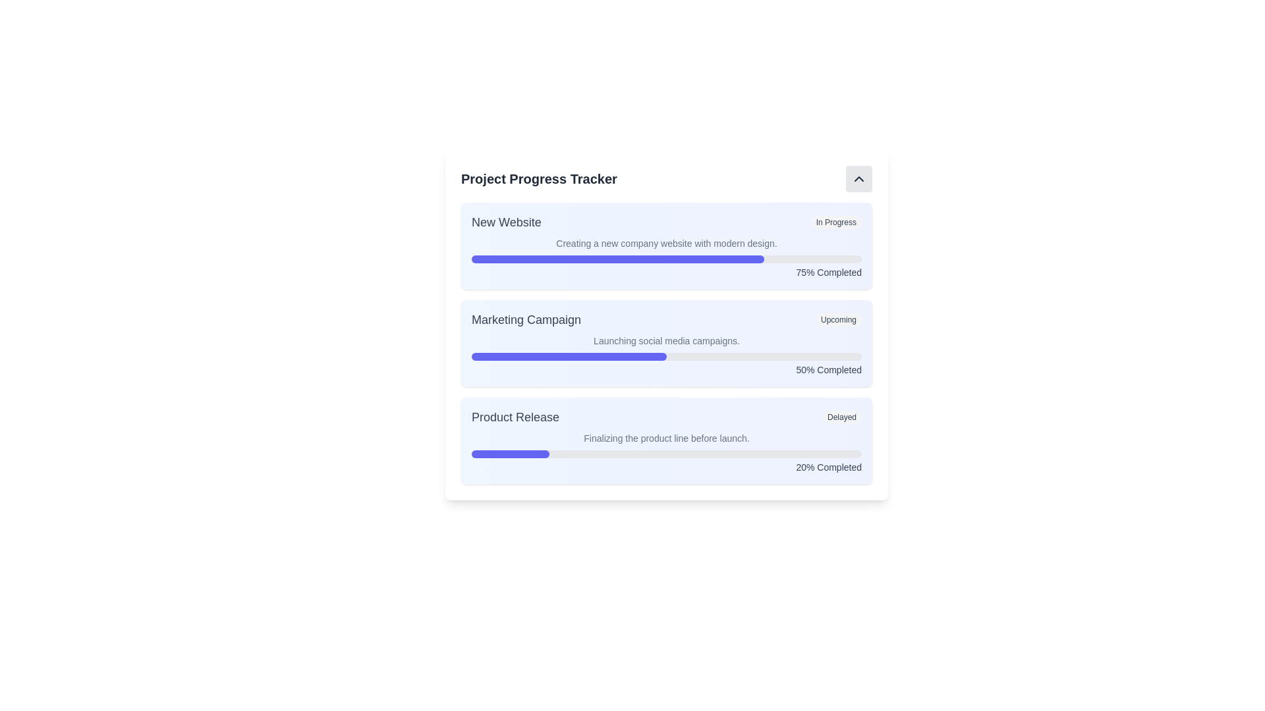 Image resolution: width=1265 pixels, height=711 pixels. What do you see at coordinates (667, 325) in the screenshot?
I see `the interactive elements within the 'Marketing Campaign' progress information panel located centrally in the main content area, specifically positioned between the 'New Website' and 'Product Release' sections` at bounding box center [667, 325].